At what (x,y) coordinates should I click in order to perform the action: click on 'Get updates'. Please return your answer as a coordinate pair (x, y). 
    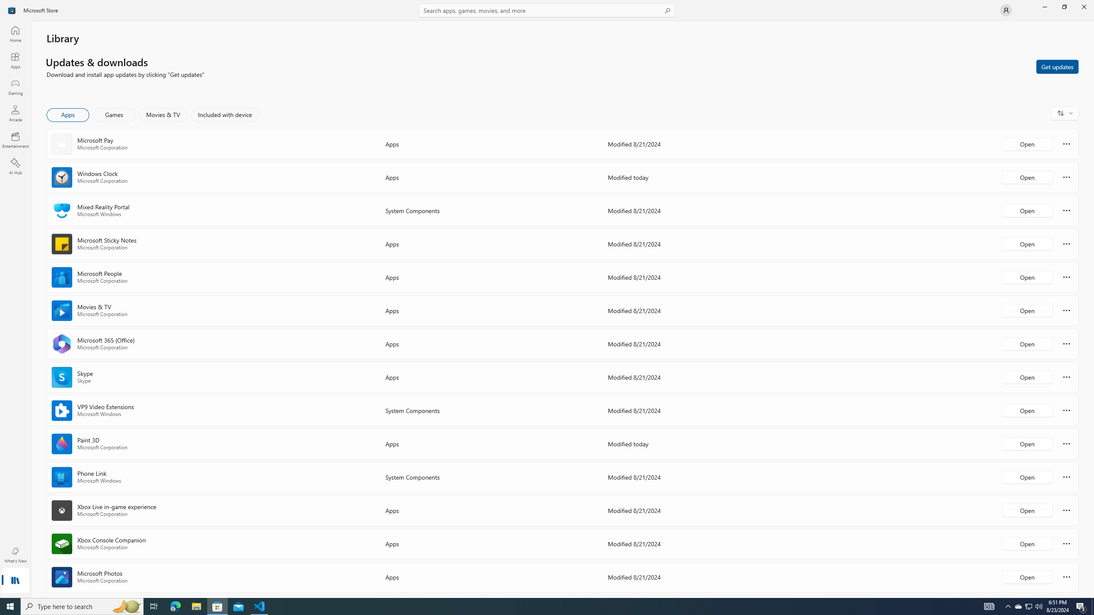
    Looking at the image, I should click on (1057, 66).